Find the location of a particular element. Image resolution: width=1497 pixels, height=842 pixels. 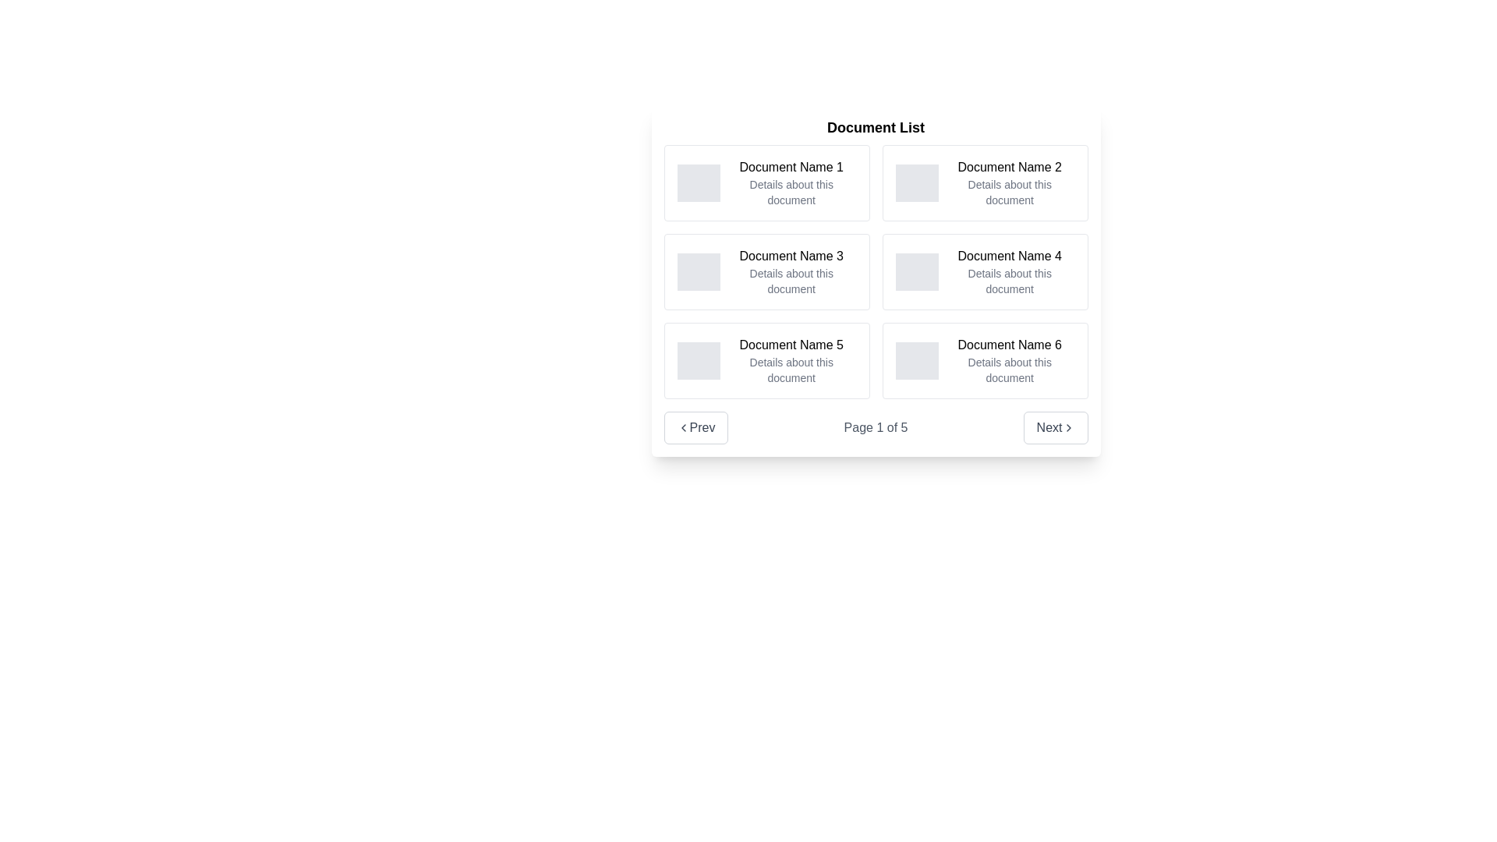

text element styled in small gray font that says 'Details about this document.' It is located directly below the 'Document Name 5' text in the bottom-left cell of the grid layout is located at coordinates (791, 370).